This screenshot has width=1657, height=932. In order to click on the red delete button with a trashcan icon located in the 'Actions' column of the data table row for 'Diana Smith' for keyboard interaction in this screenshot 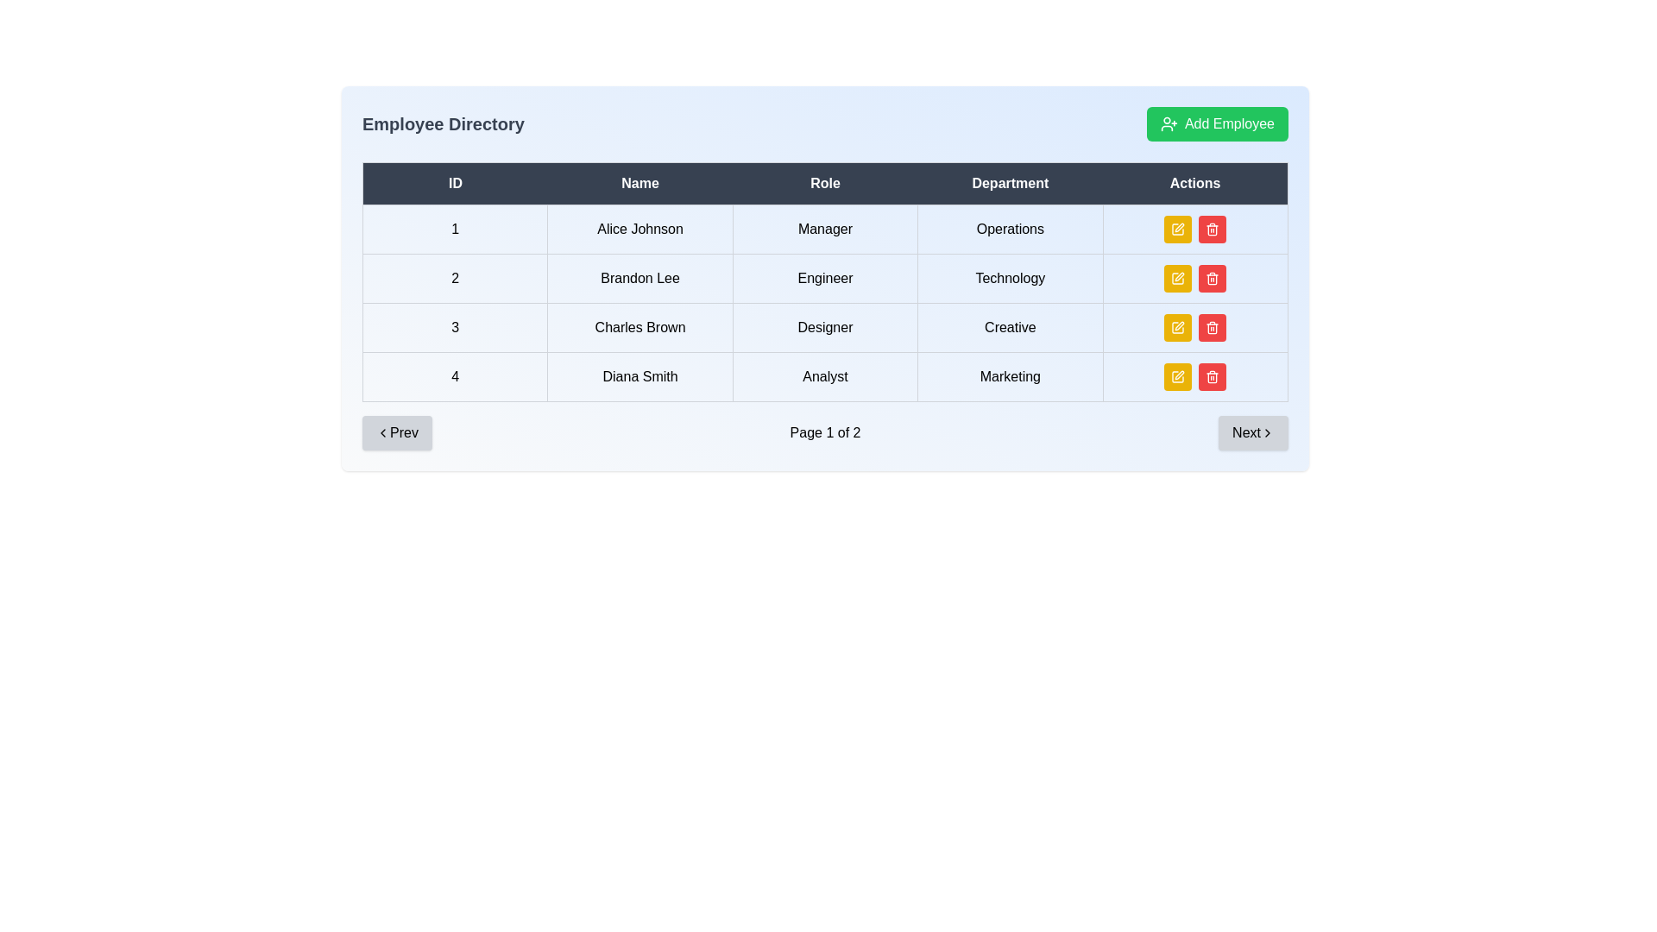, I will do `click(1212, 375)`.